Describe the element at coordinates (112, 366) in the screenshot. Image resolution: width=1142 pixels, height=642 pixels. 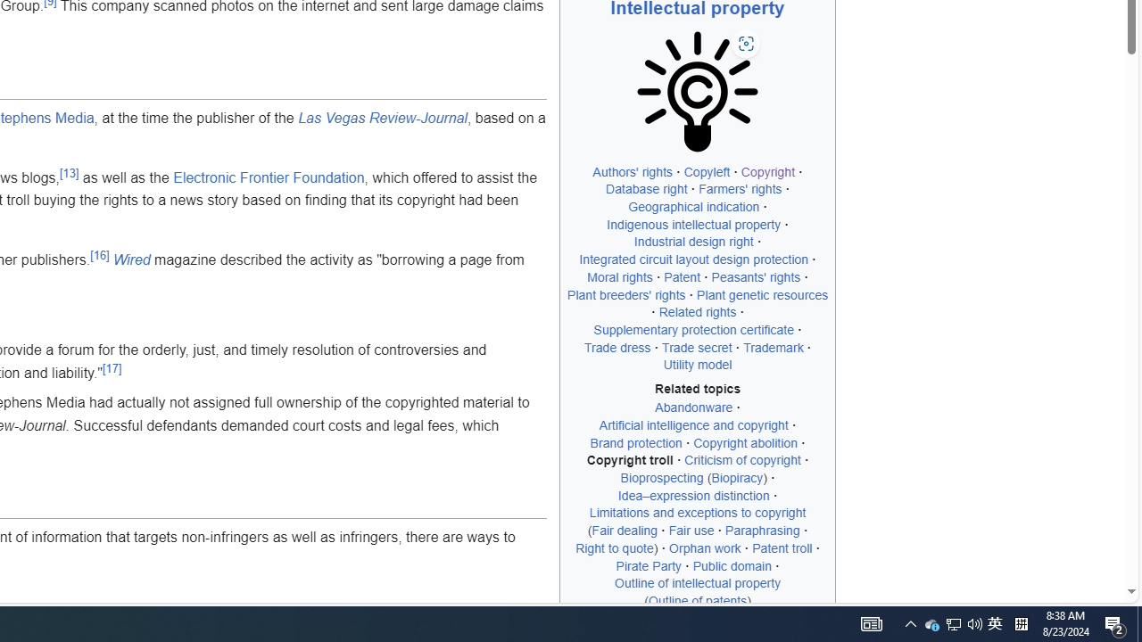
I see `'[17]'` at that location.